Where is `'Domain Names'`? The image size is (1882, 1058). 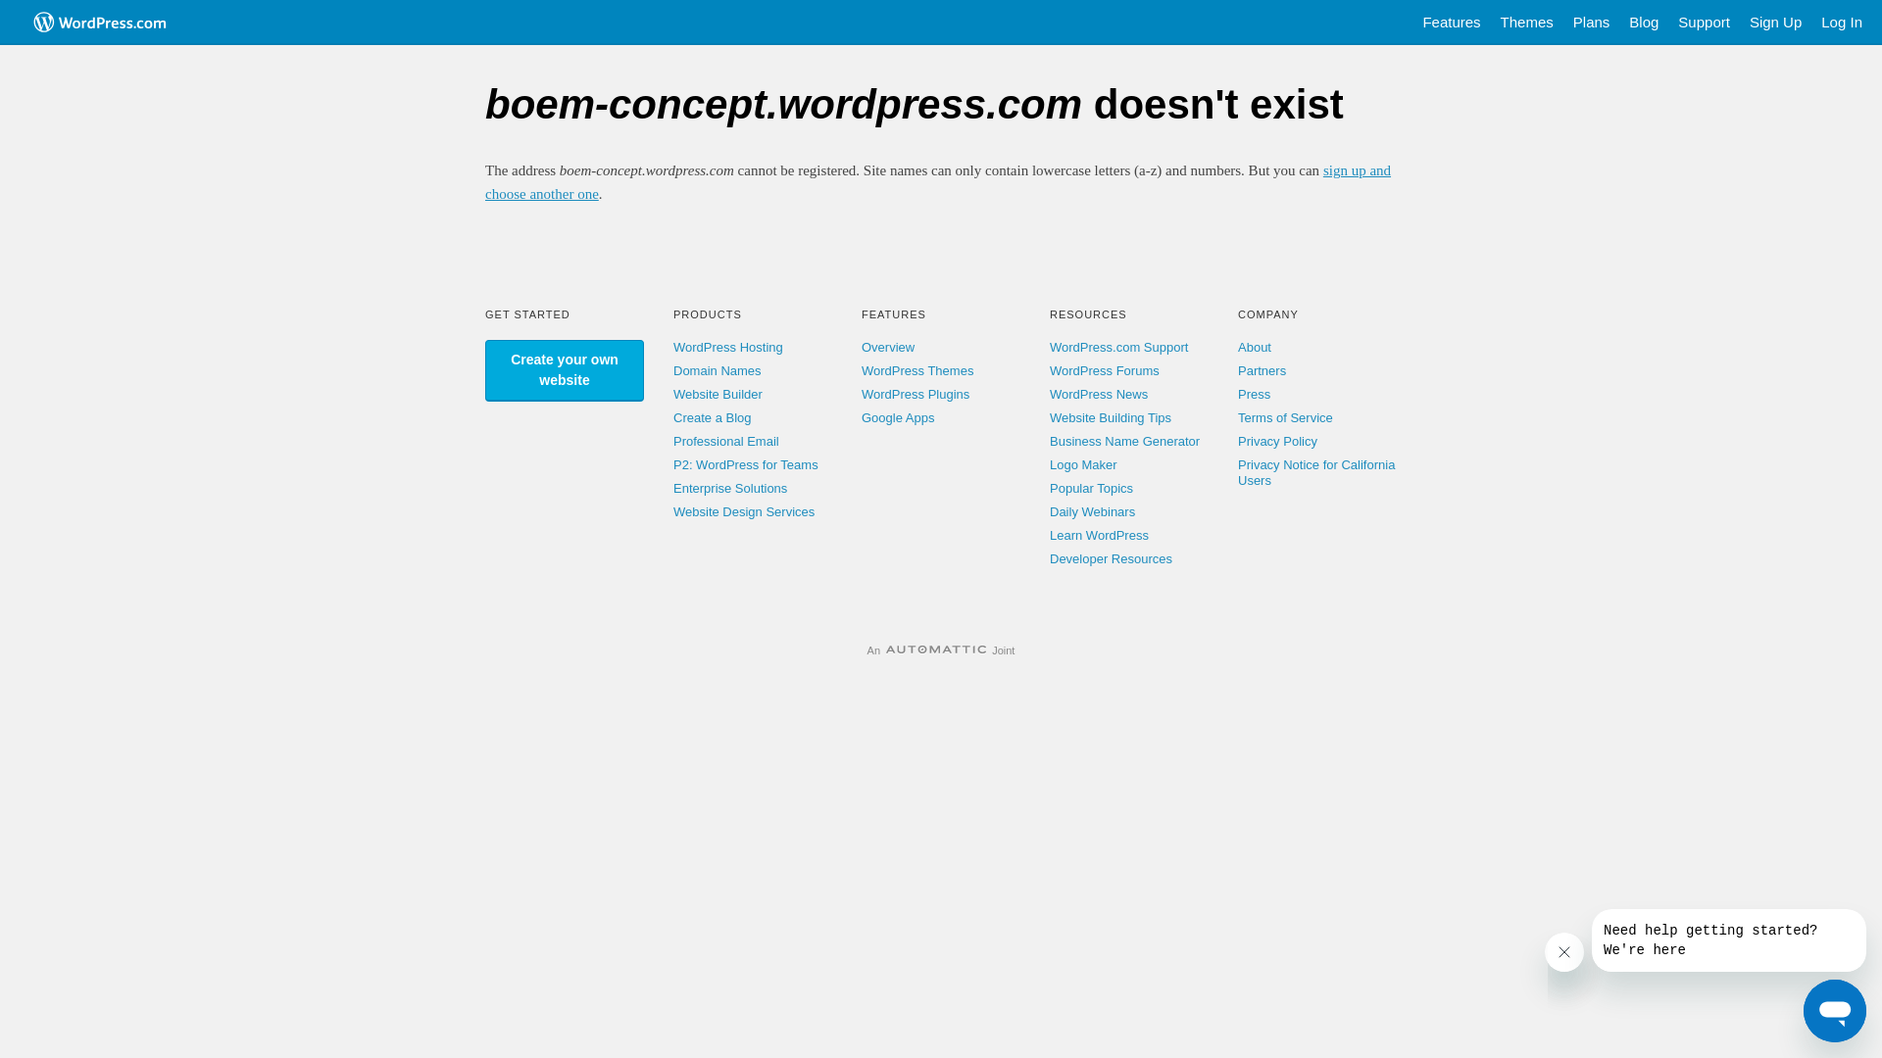 'Domain Names' is located at coordinates (716, 370).